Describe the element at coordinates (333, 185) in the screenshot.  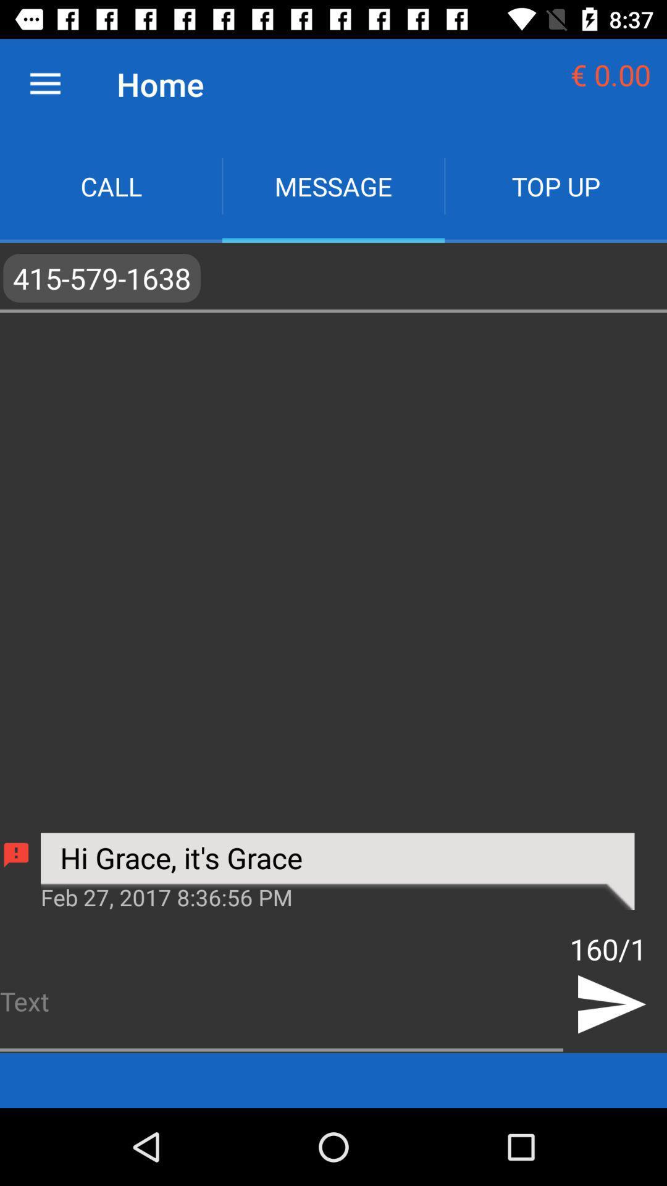
I see `item above the ,415-579-1638,  item` at that location.